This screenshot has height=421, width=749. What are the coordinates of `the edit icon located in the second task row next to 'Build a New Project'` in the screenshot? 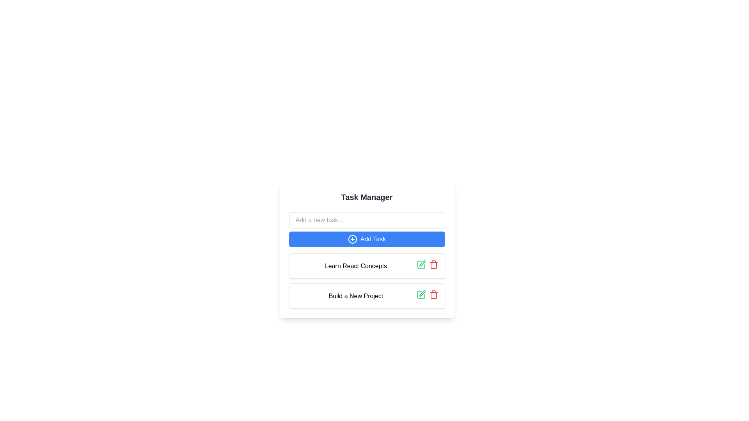 It's located at (421, 264).